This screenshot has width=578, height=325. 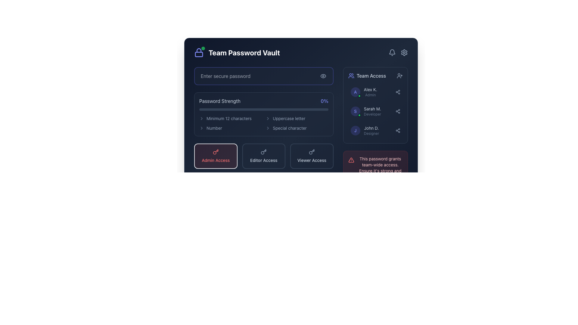 What do you see at coordinates (372, 109) in the screenshot?
I see `the Text Label element displaying 'Sarah M.' located in the middle section of the 'Team Access' panel, positioned under 'Alex K.' and above 'Developer'` at bounding box center [372, 109].